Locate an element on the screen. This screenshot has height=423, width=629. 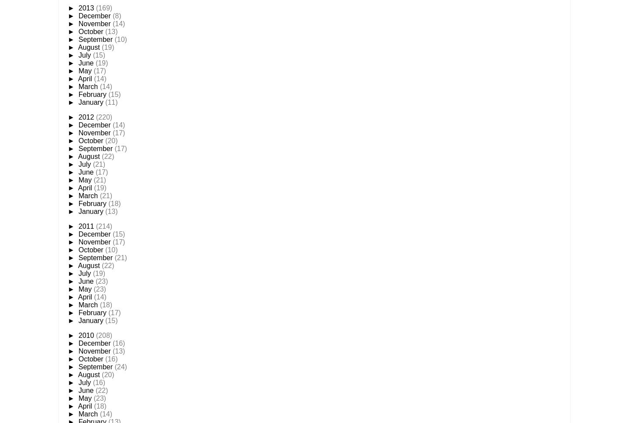
'(24)' is located at coordinates (120, 366).